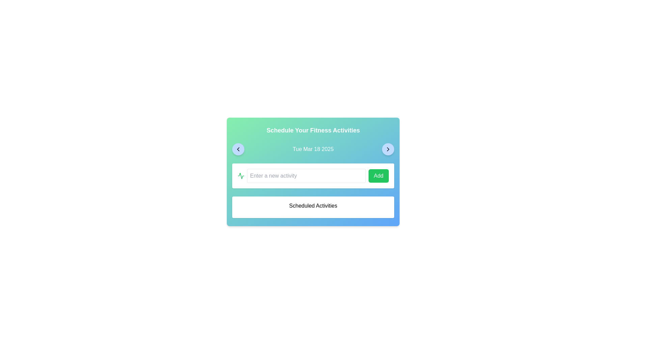  I want to click on the label indicating the currently selected date in the 'Schedule Your Fitness Activities' card, positioned above the input field and 'Add' button, between two circular blue buttons with left and right chevron icons, so click(313, 149).